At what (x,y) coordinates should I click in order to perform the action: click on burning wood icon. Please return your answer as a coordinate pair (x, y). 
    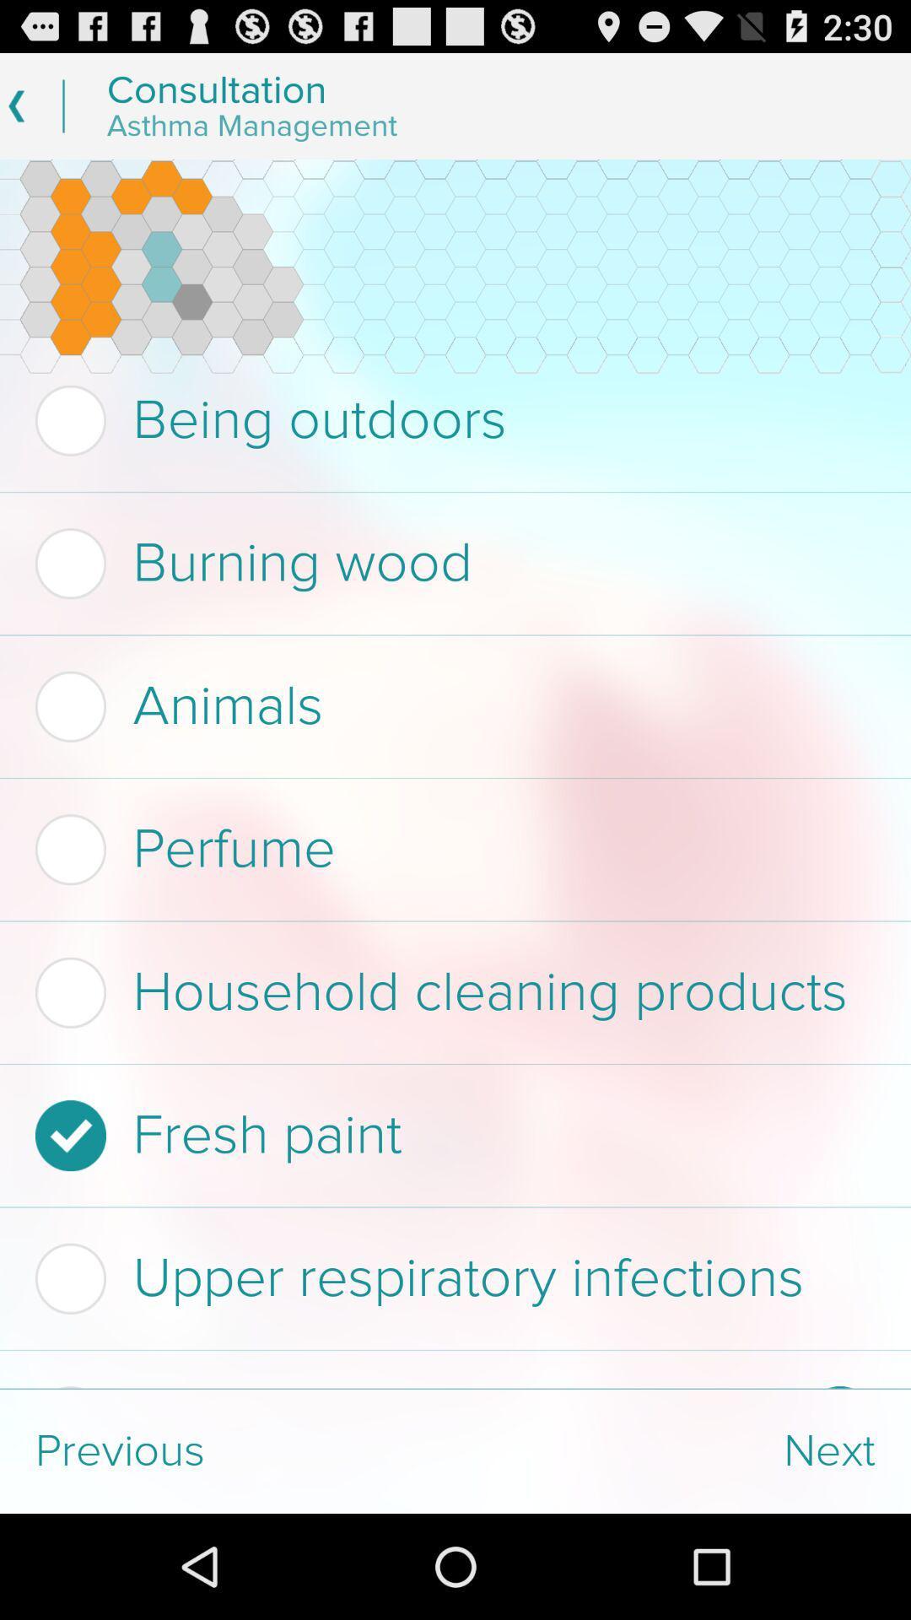
    Looking at the image, I should click on (450, 564).